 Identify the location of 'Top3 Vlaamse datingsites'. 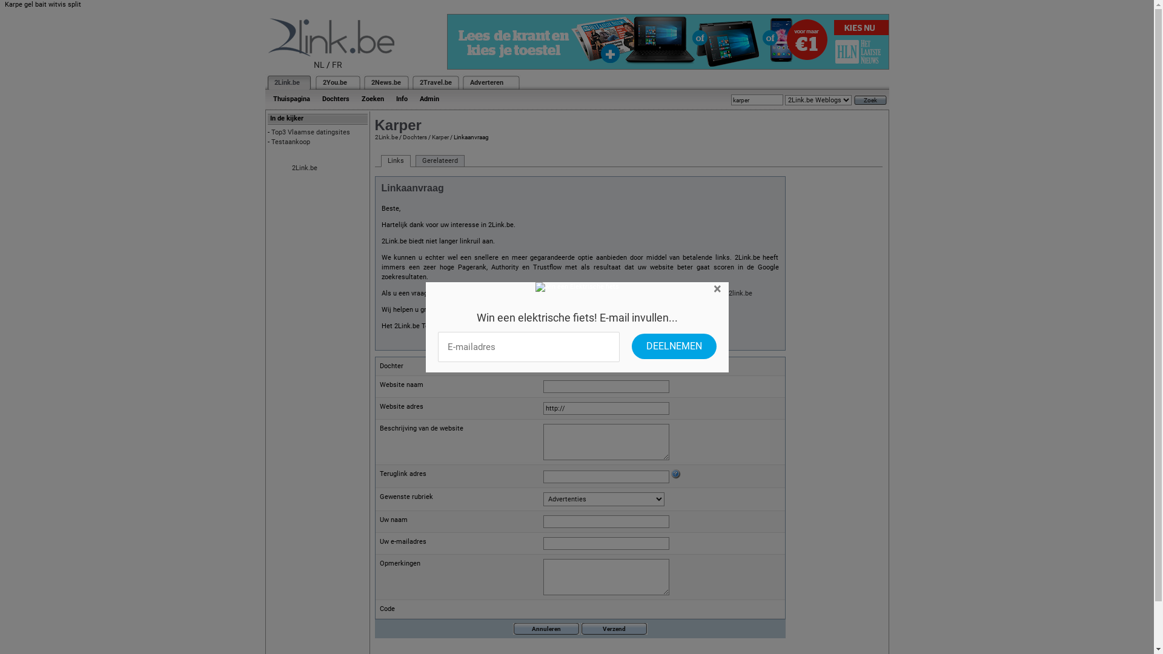
(311, 132).